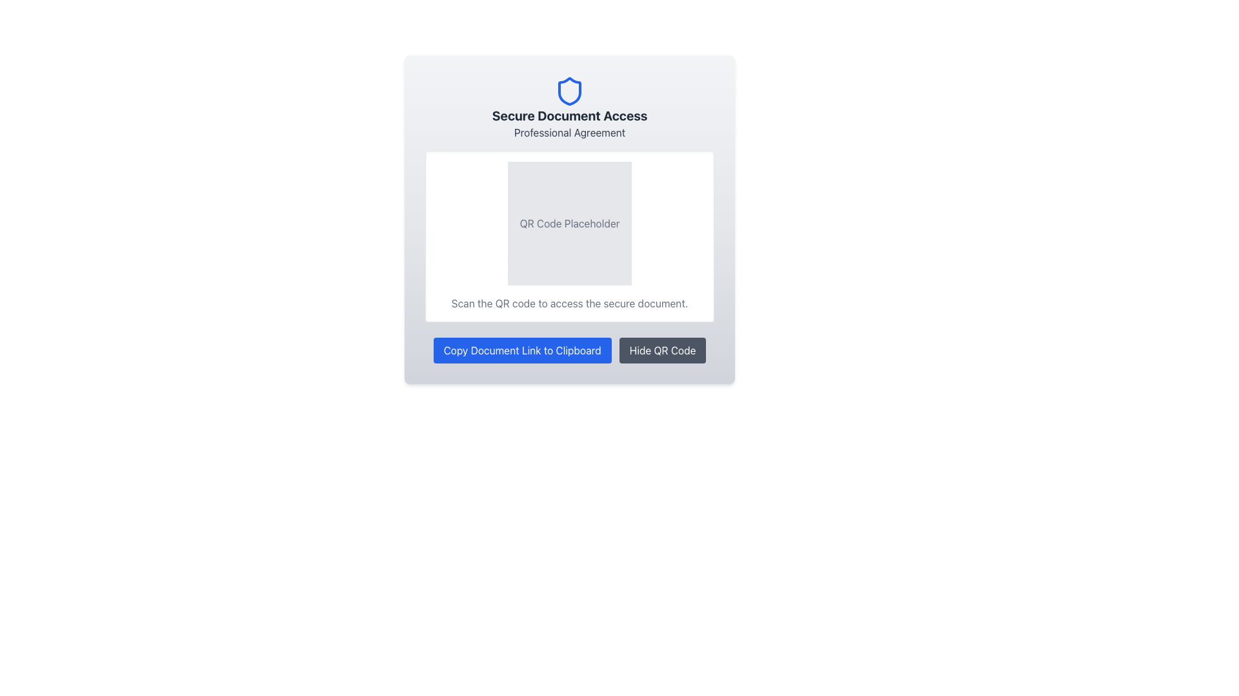  Describe the element at coordinates (569, 223) in the screenshot. I see `the text element displaying 'QR Code Placeholder' which is located in a light gray square box with dashed borders` at that location.